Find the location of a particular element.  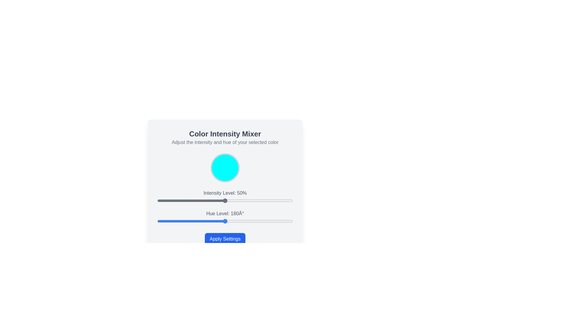

the hue level slider to 271° is located at coordinates (259, 221).